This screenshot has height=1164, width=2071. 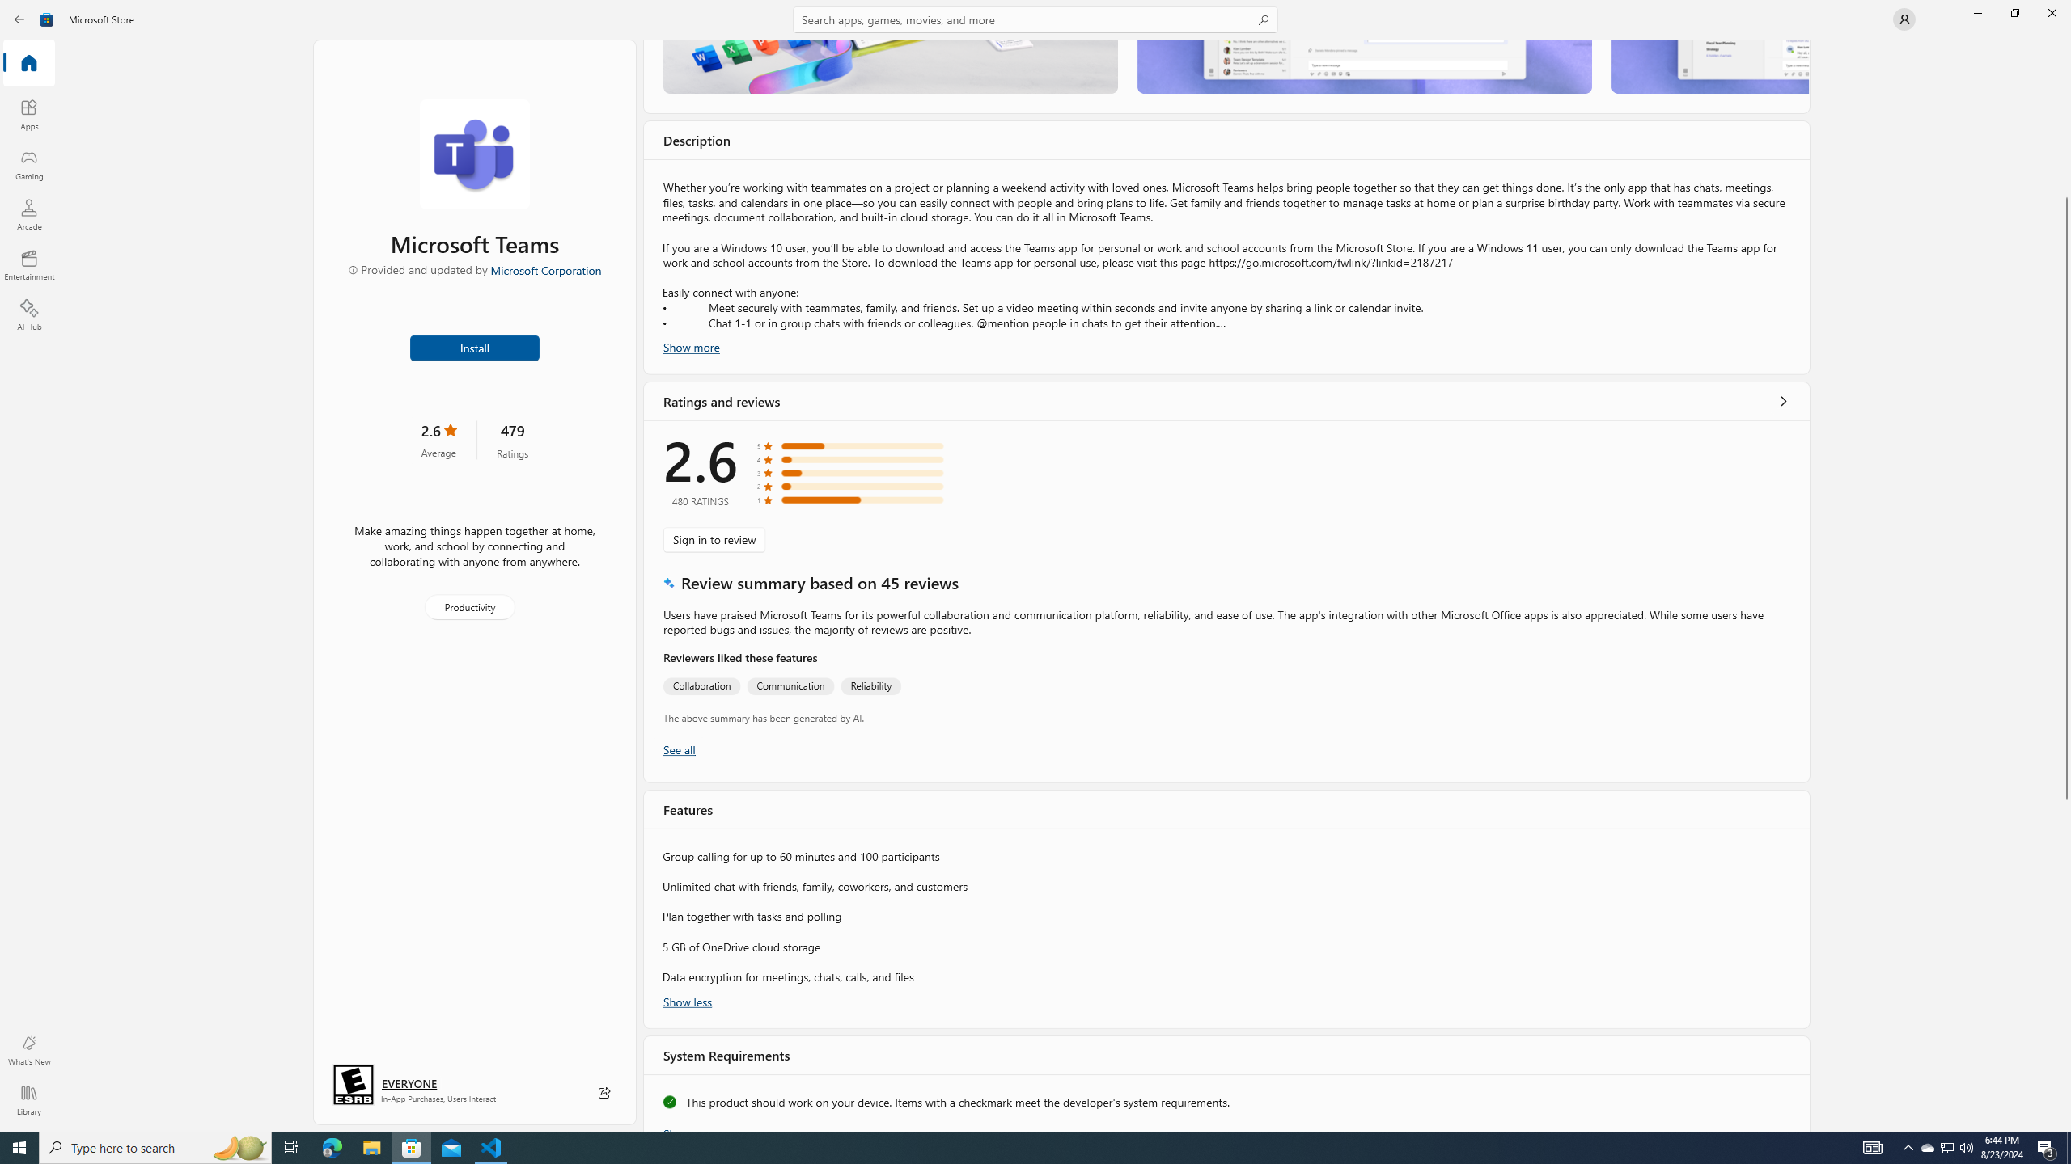 What do you see at coordinates (28, 264) in the screenshot?
I see `'Entertainment'` at bounding box center [28, 264].